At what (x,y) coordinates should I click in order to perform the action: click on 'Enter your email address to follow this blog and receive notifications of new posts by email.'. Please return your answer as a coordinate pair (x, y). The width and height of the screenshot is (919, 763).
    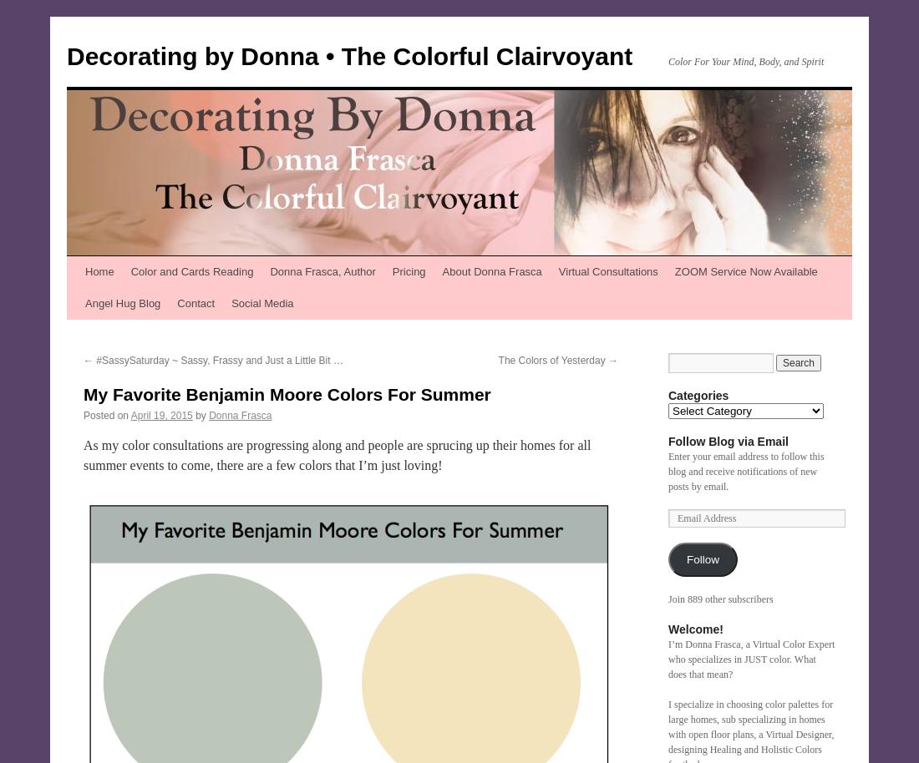
    Looking at the image, I should click on (744, 472).